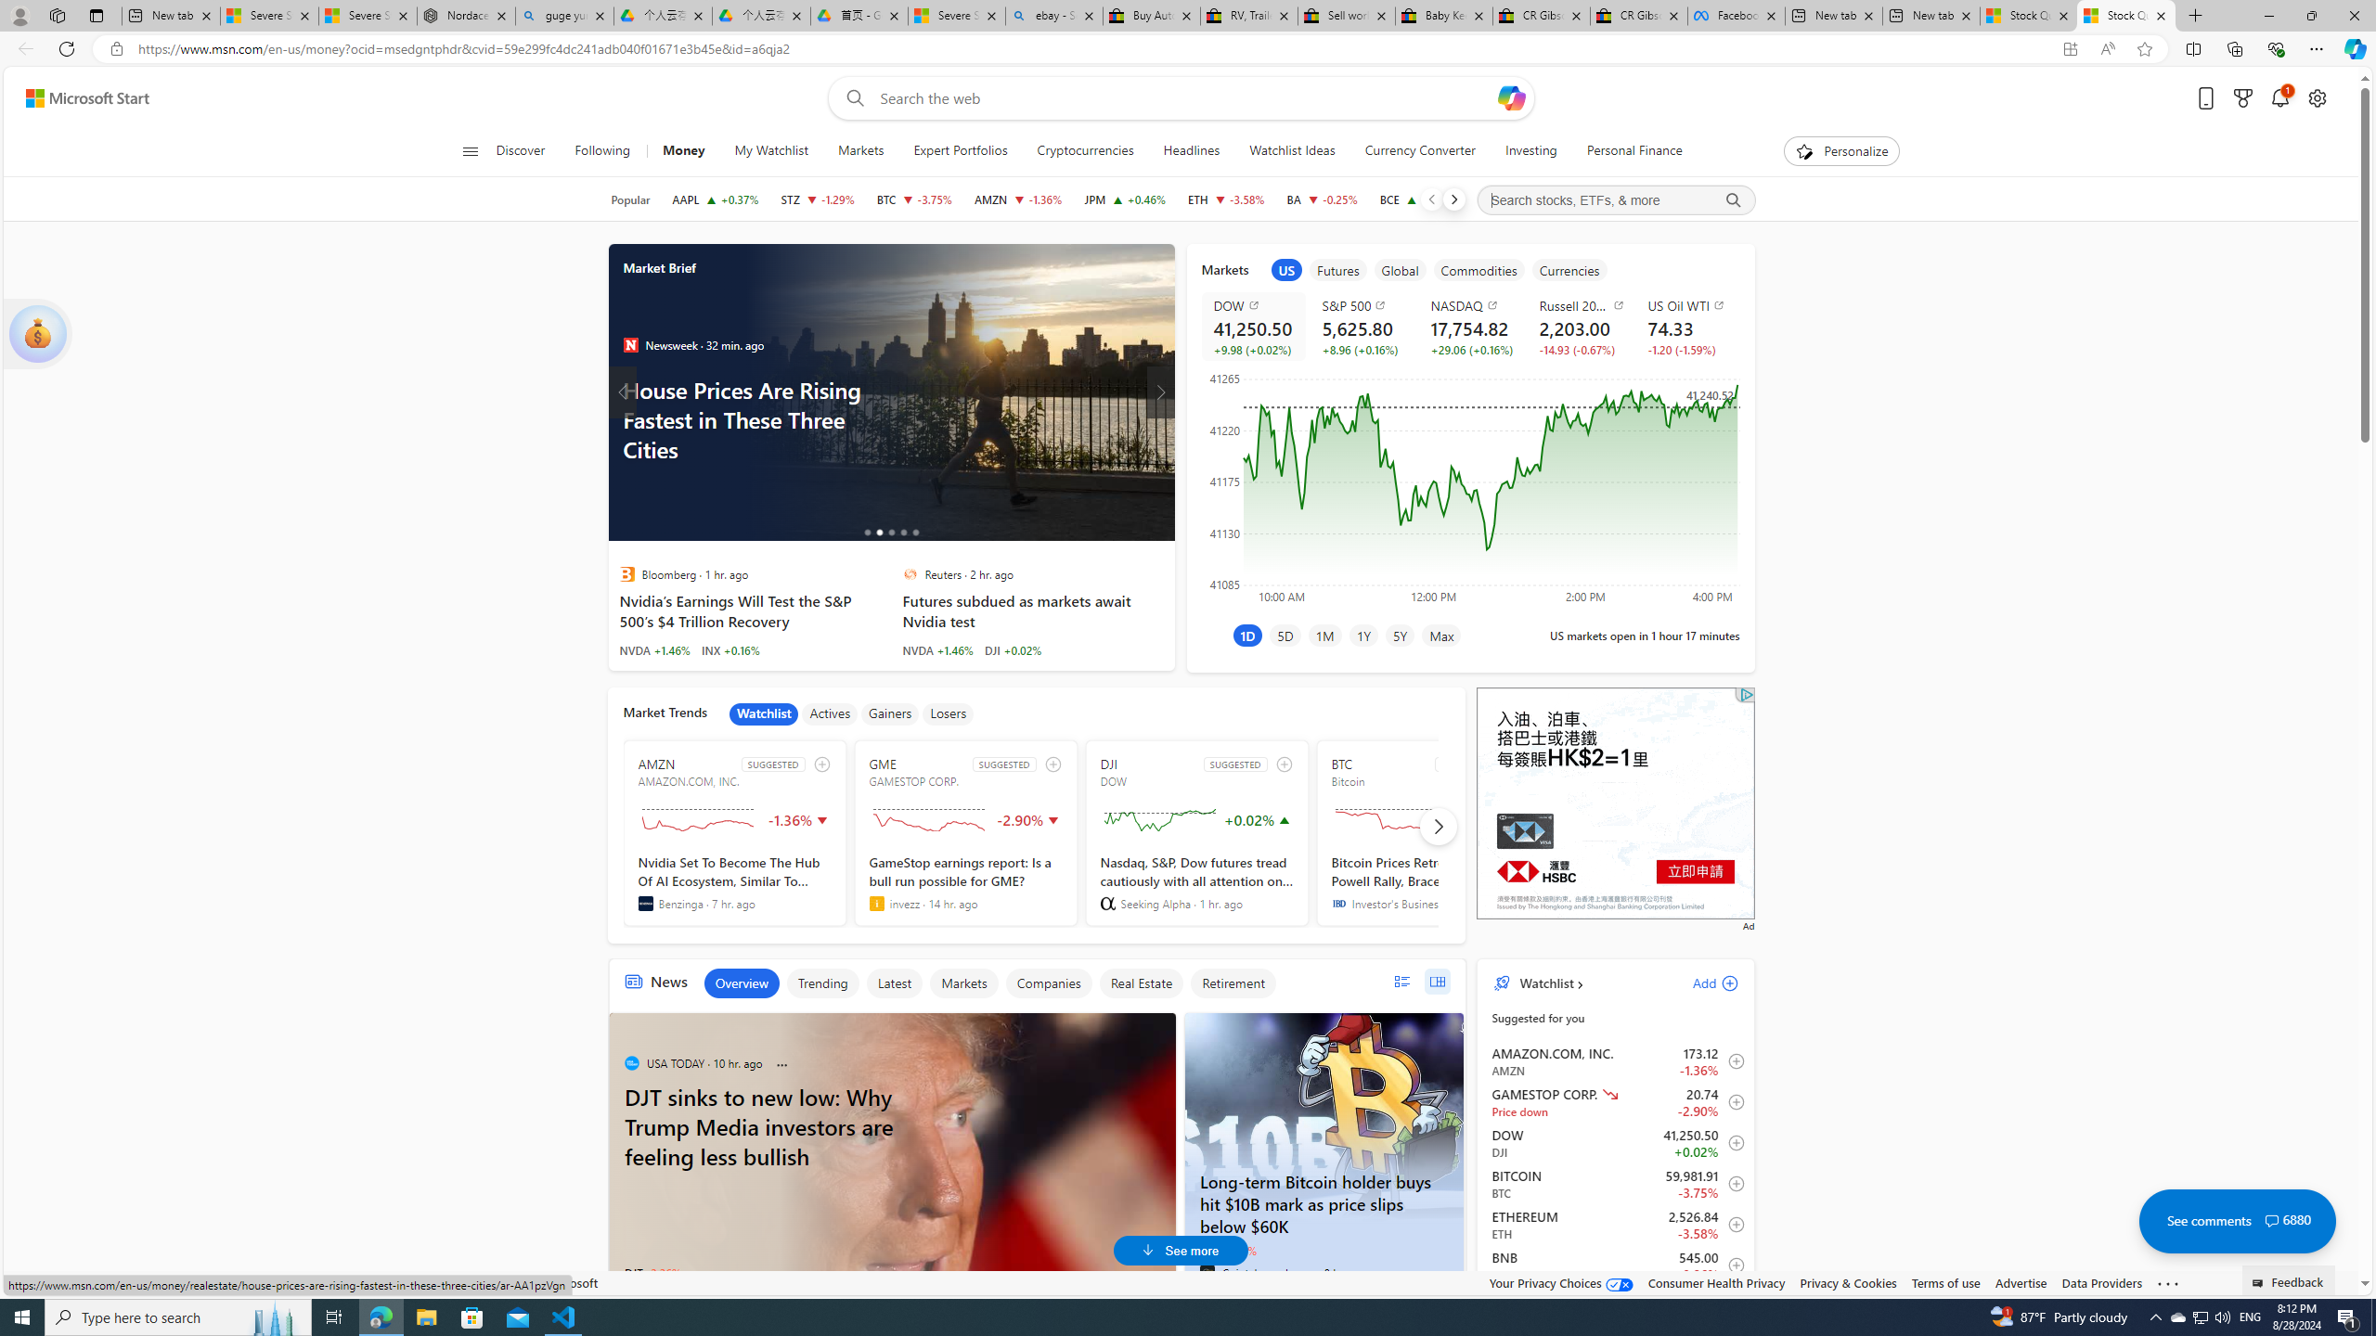 Image resolution: width=2376 pixels, height=1336 pixels. Describe the element at coordinates (75, 96) in the screenshot. I see `'Skip to footer'` at that location.